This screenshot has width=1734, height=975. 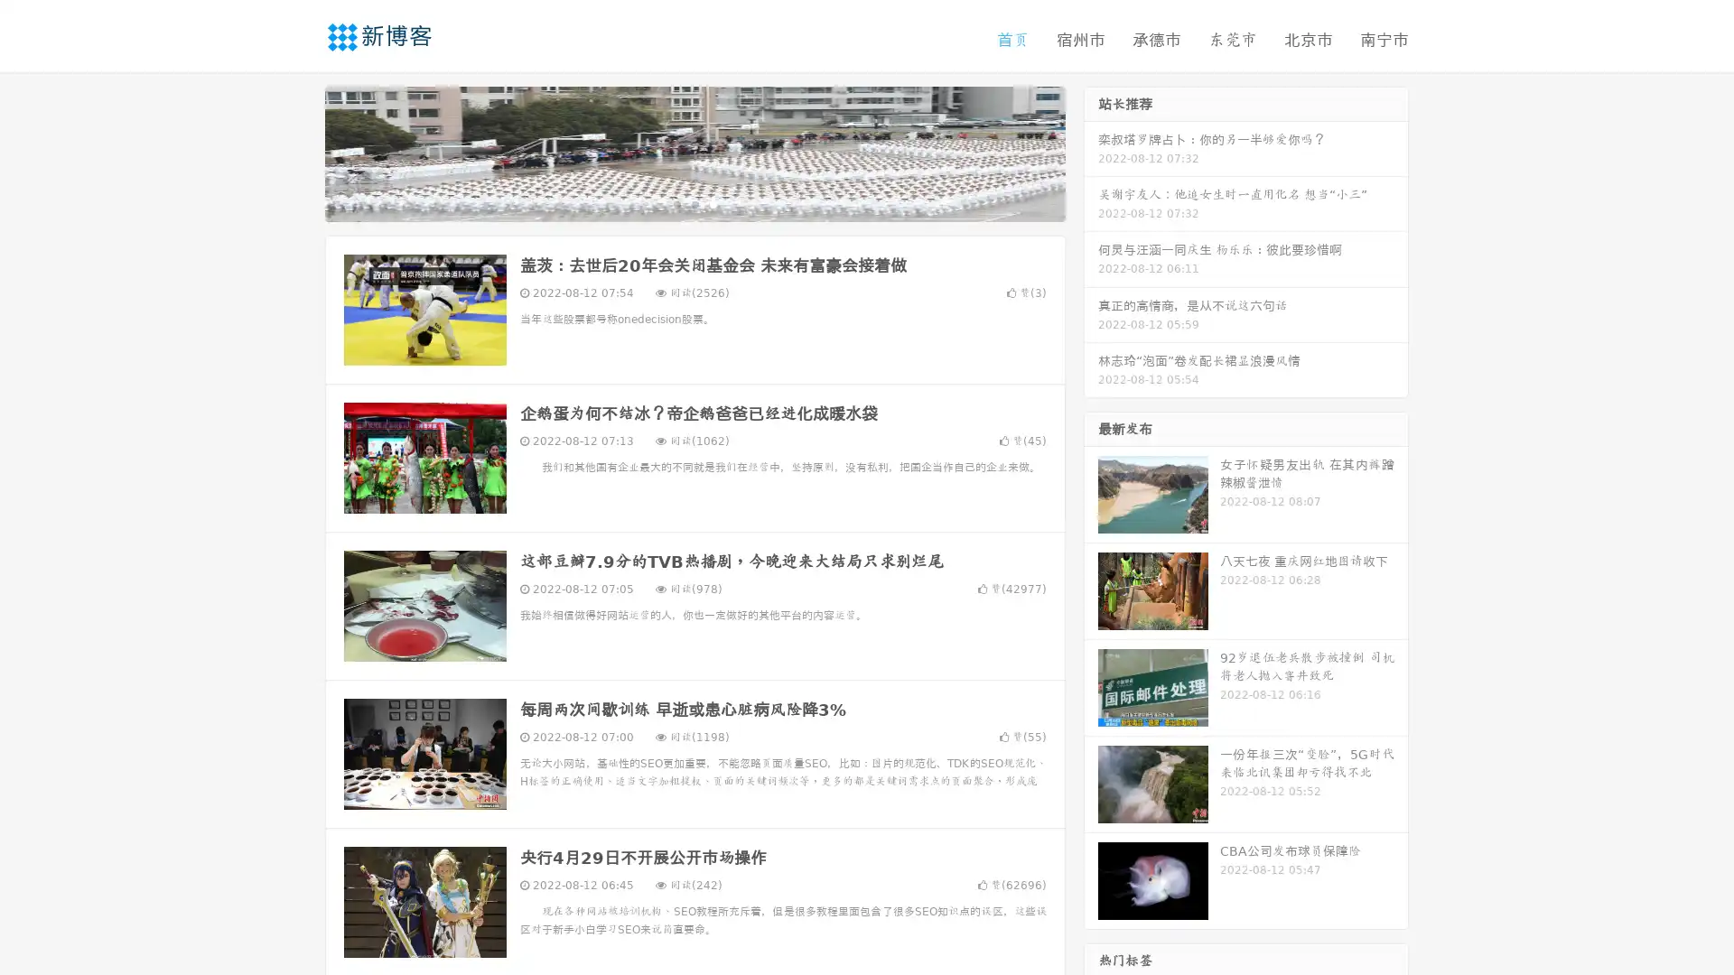 What do you see at coordinates (694, 203) in the screenshot?
I see `Go to slide 2` at bounding box center [694, 203].